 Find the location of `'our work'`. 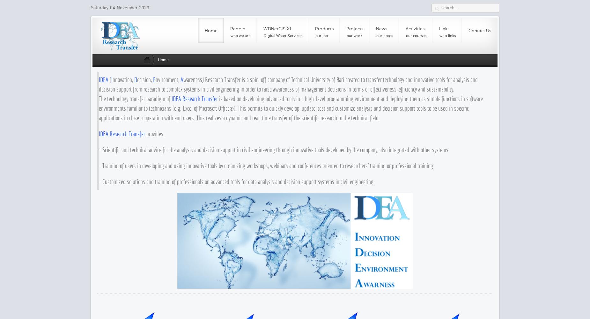

'our work' is located at coordinates (346, 35).